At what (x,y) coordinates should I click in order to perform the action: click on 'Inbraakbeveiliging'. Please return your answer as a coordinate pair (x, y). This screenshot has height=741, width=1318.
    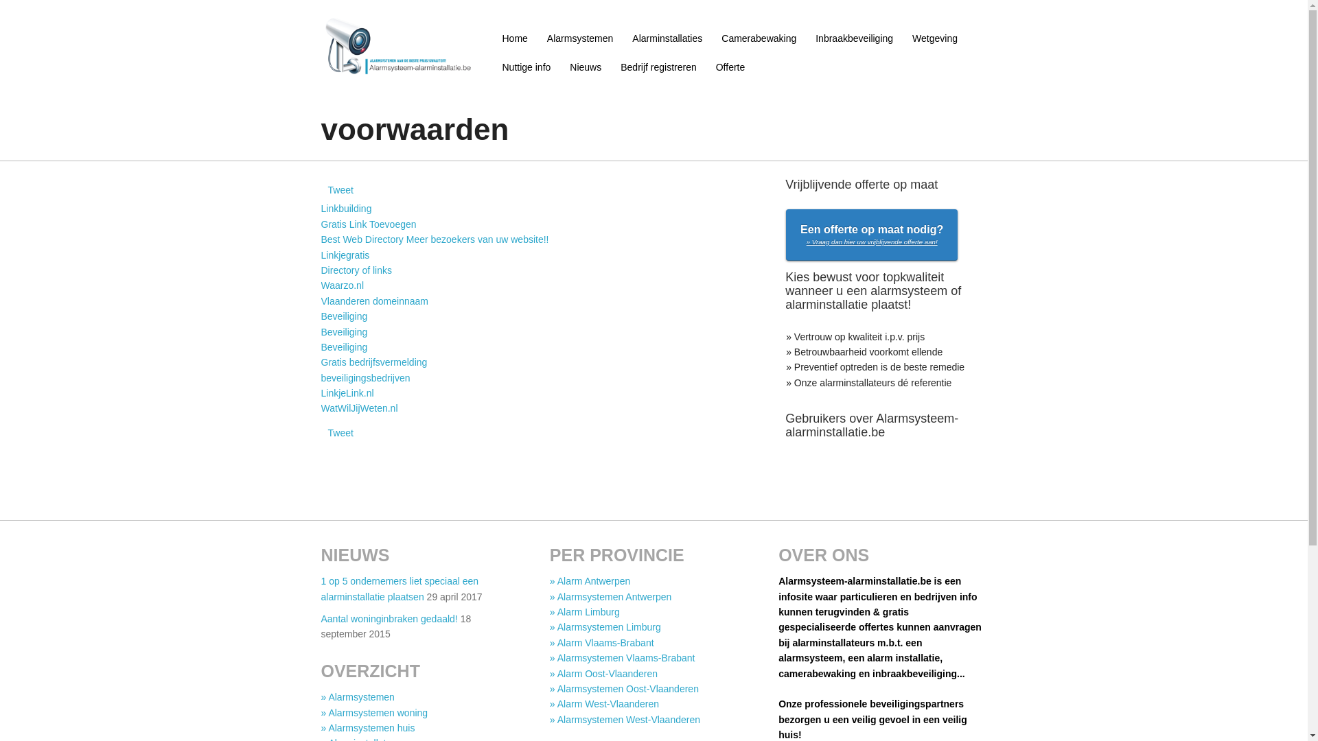
    Looking at the image, I should click on (853, 38).